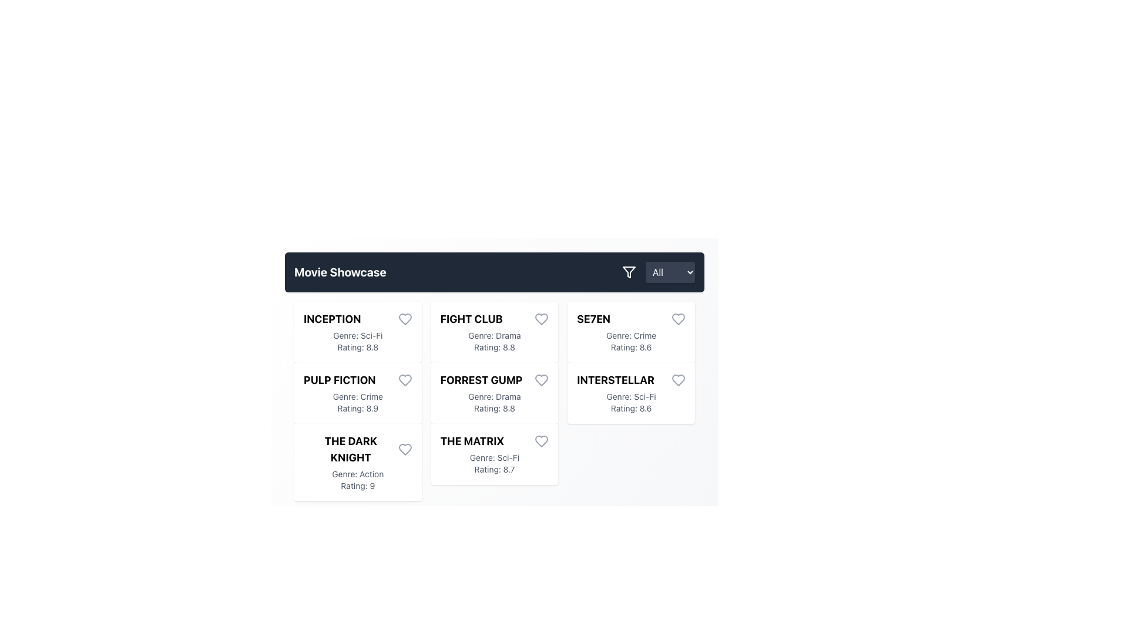  I want to click on text element displaying 'Genre: Sci-Fi' and 'Rating: 8.6', located below the title 'INTERSTELLAR' in the fourth column of the movie cards grid, so click(630, 402).